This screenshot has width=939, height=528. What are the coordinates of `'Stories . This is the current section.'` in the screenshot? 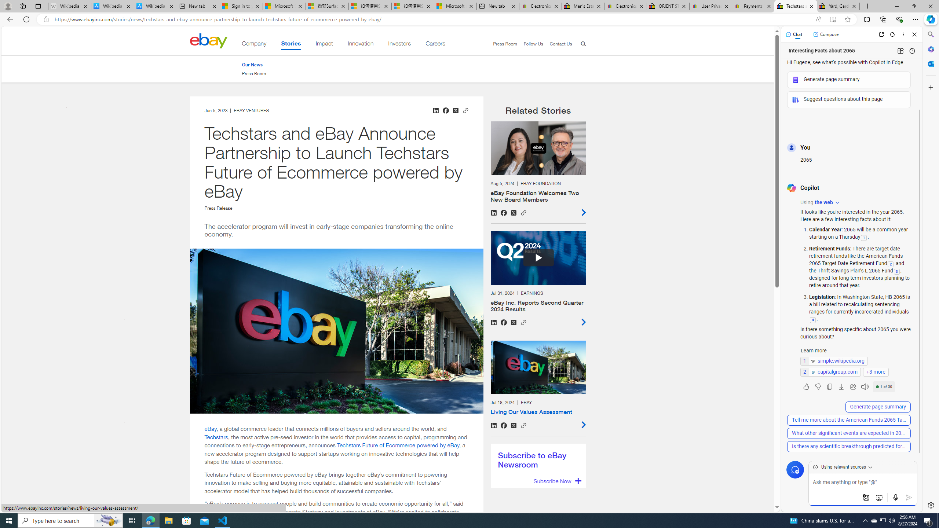 It's located at (291, 45).